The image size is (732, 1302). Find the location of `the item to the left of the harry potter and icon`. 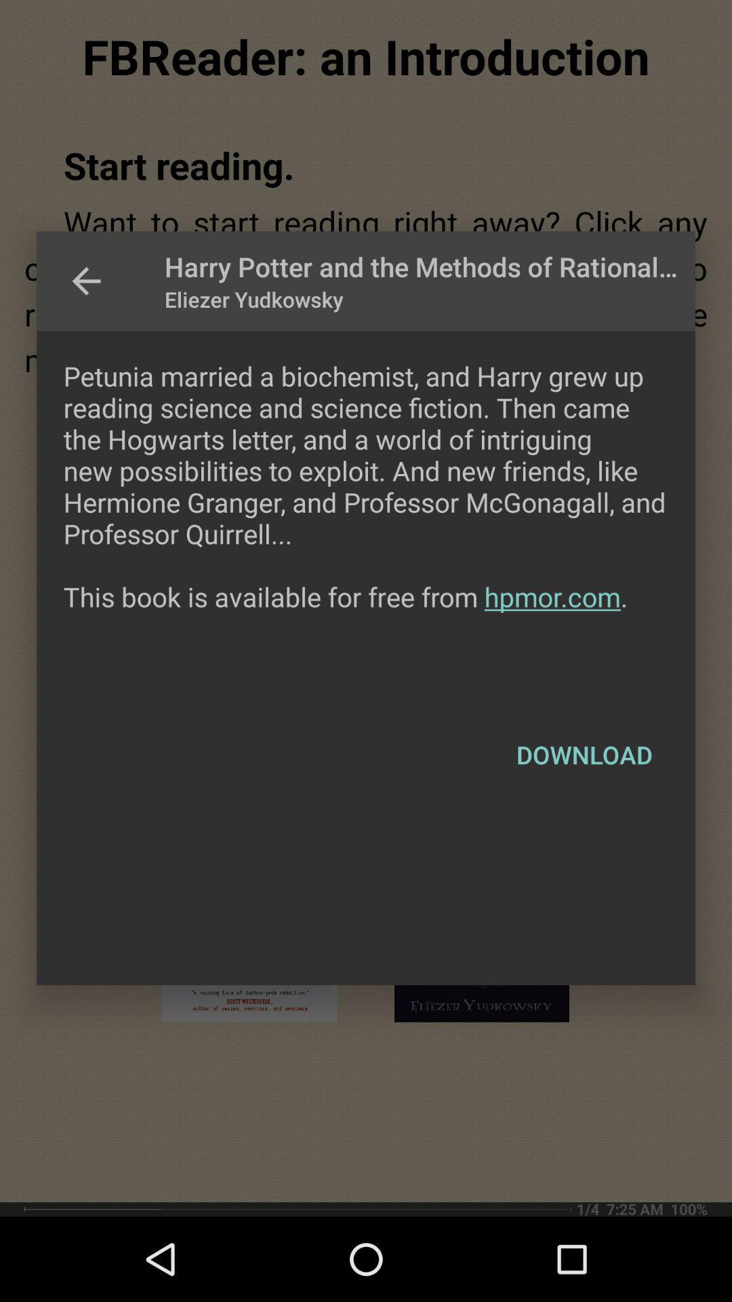

the item to the left of the harry potter and icon is located at coordinates (86, 280).